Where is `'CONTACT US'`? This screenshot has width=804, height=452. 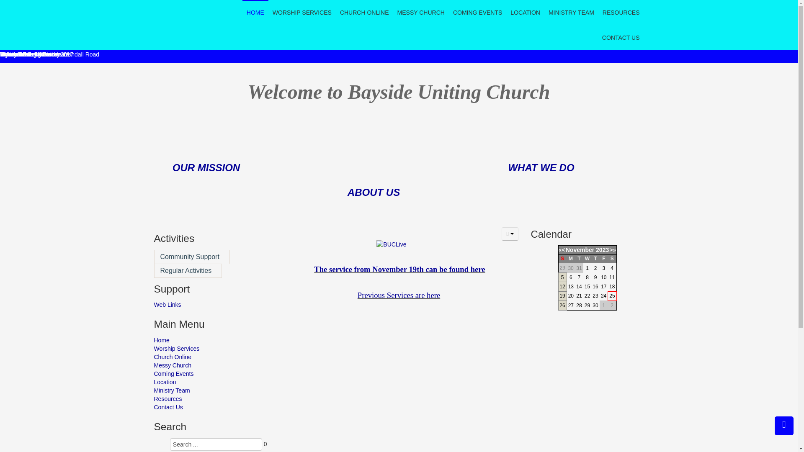 'CONTACT US' is located at coordinates (621, 37).